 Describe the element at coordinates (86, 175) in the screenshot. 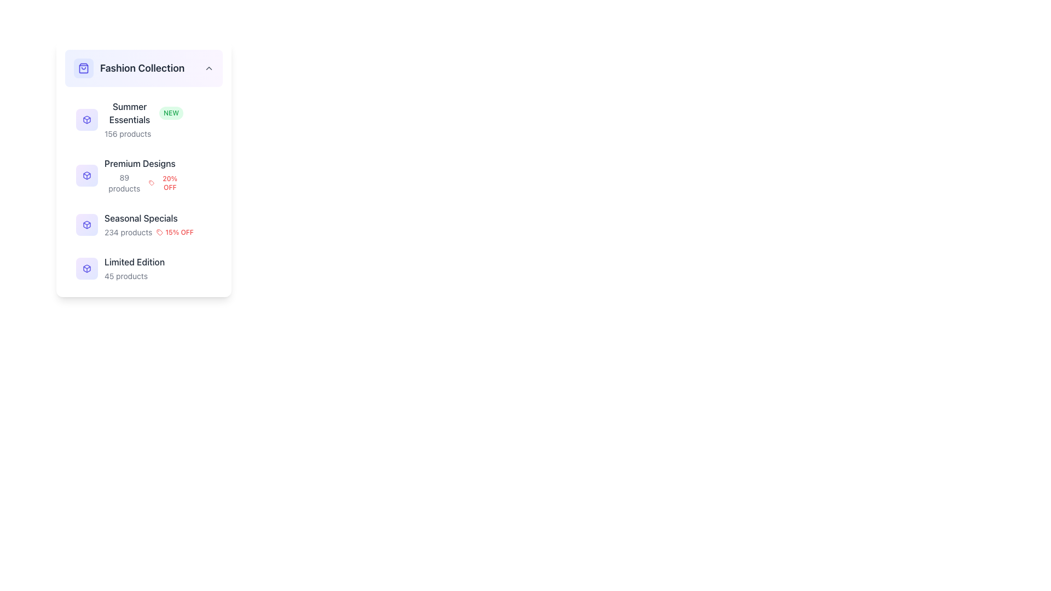

I see `the icon representing the category 'Premium Designs' located to the left of the text 'Premium Designs' in the vertical list` at that location.